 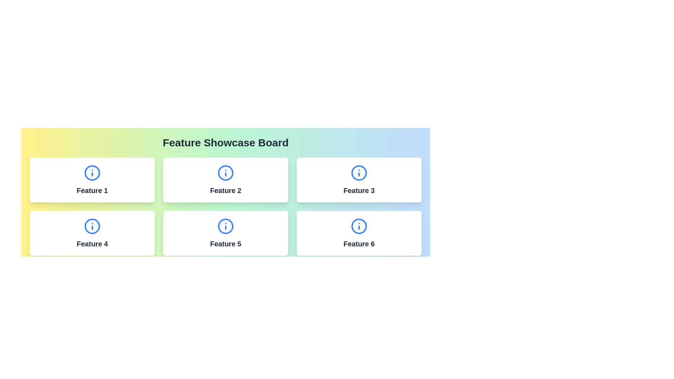 I want to click on the circular information icon with a blue border and 'i' symbol, located in the first feature box of the second row in the grid layout, so click(x=92, y=226).